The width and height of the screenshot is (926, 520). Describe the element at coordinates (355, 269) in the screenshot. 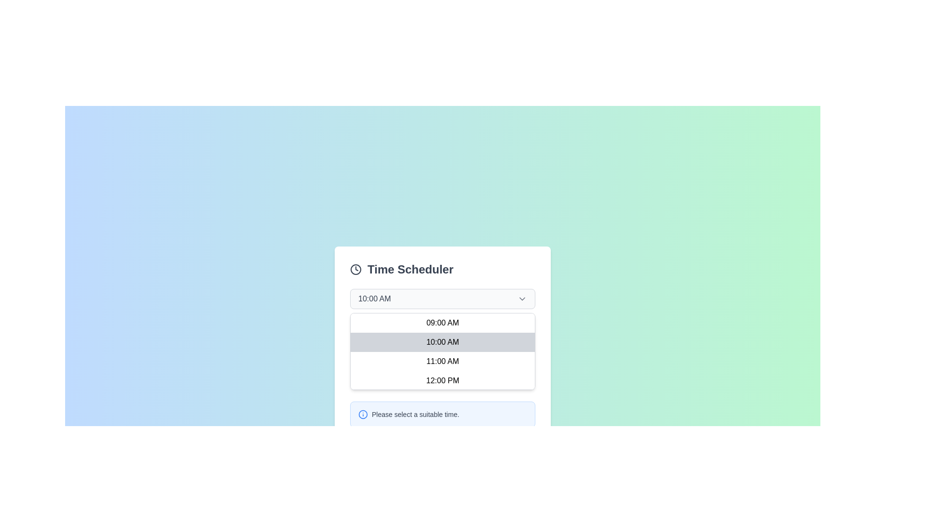

I see `the SVG circle element that is part of the clock icon adjacent to the 'Time Scheduler' title` at that location.